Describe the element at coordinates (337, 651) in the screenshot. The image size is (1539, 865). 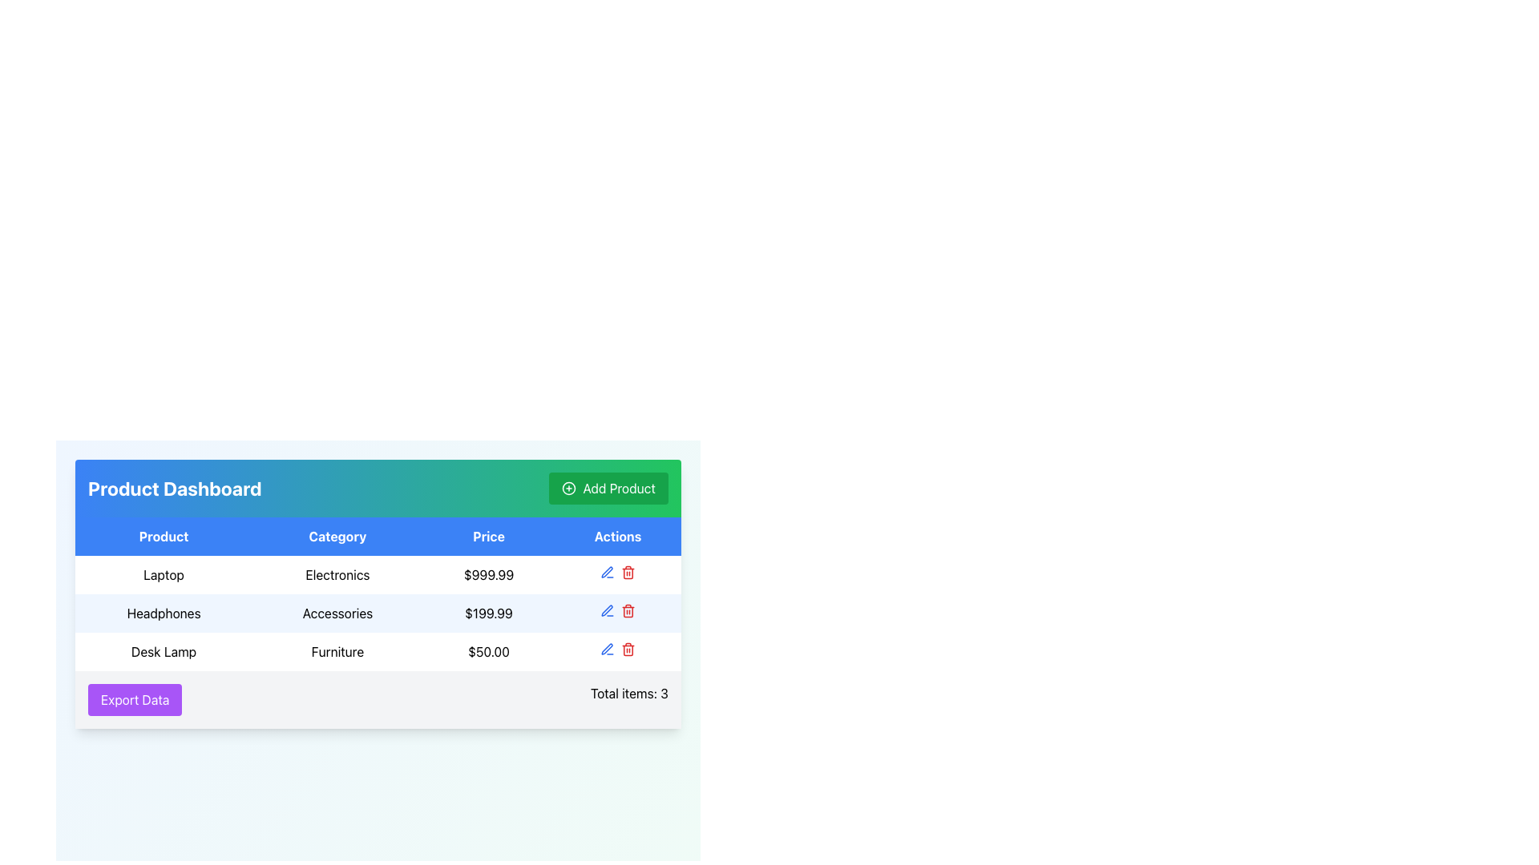
I see `the text label indicating the category of the product 'Desk Lamp' located in the third row under the 'Category' column in the table` at that location.